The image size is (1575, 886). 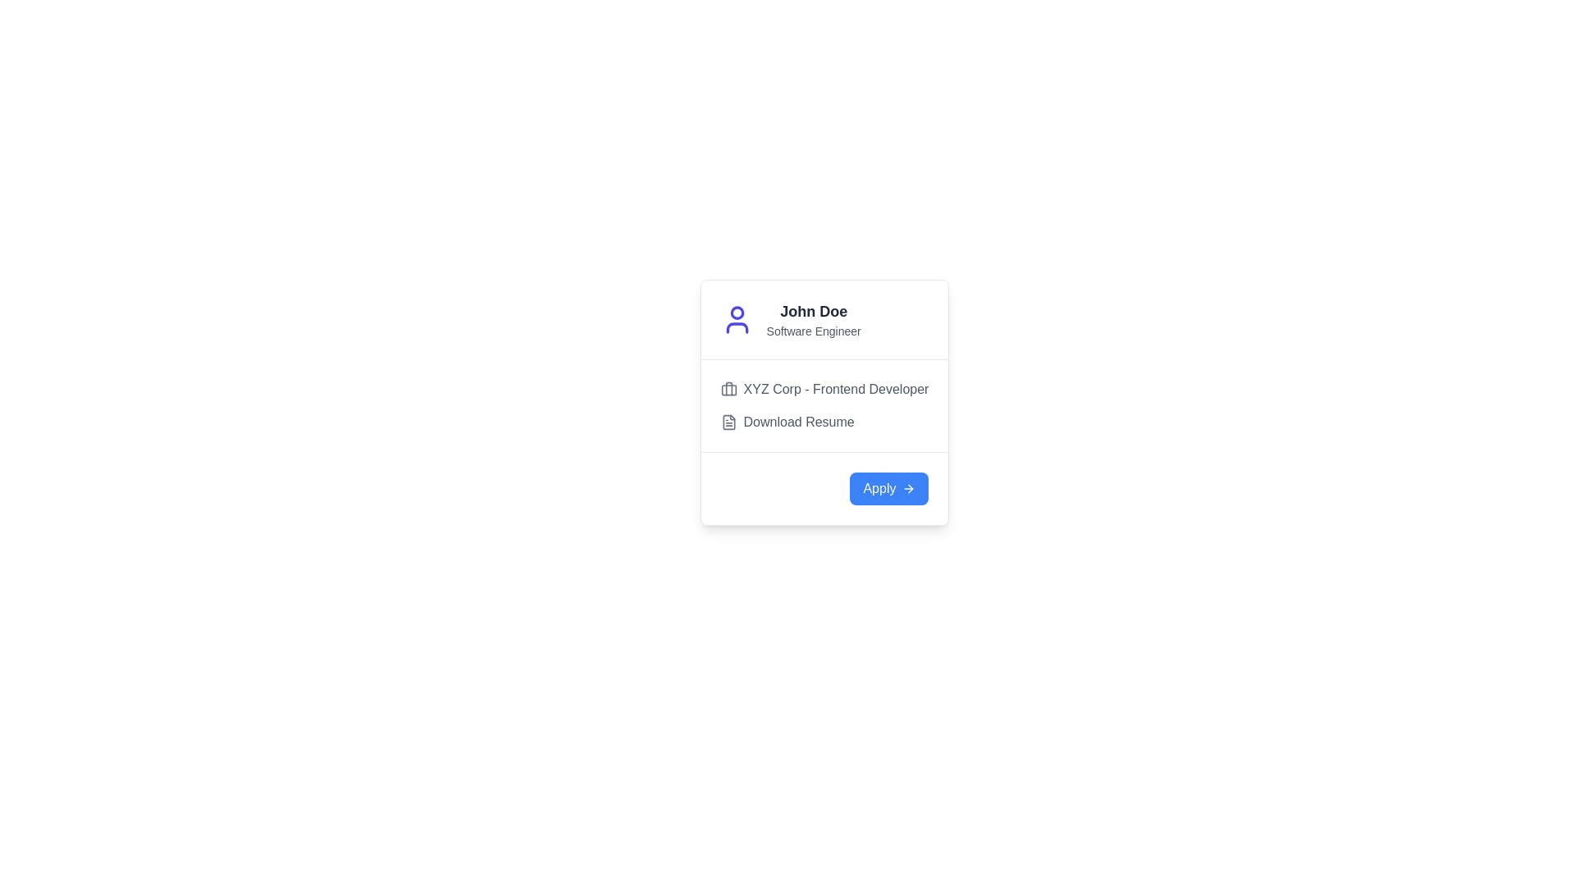 I want to click on the text label within the button located in the lower section of the user profile card, so click(x=879, y=488).